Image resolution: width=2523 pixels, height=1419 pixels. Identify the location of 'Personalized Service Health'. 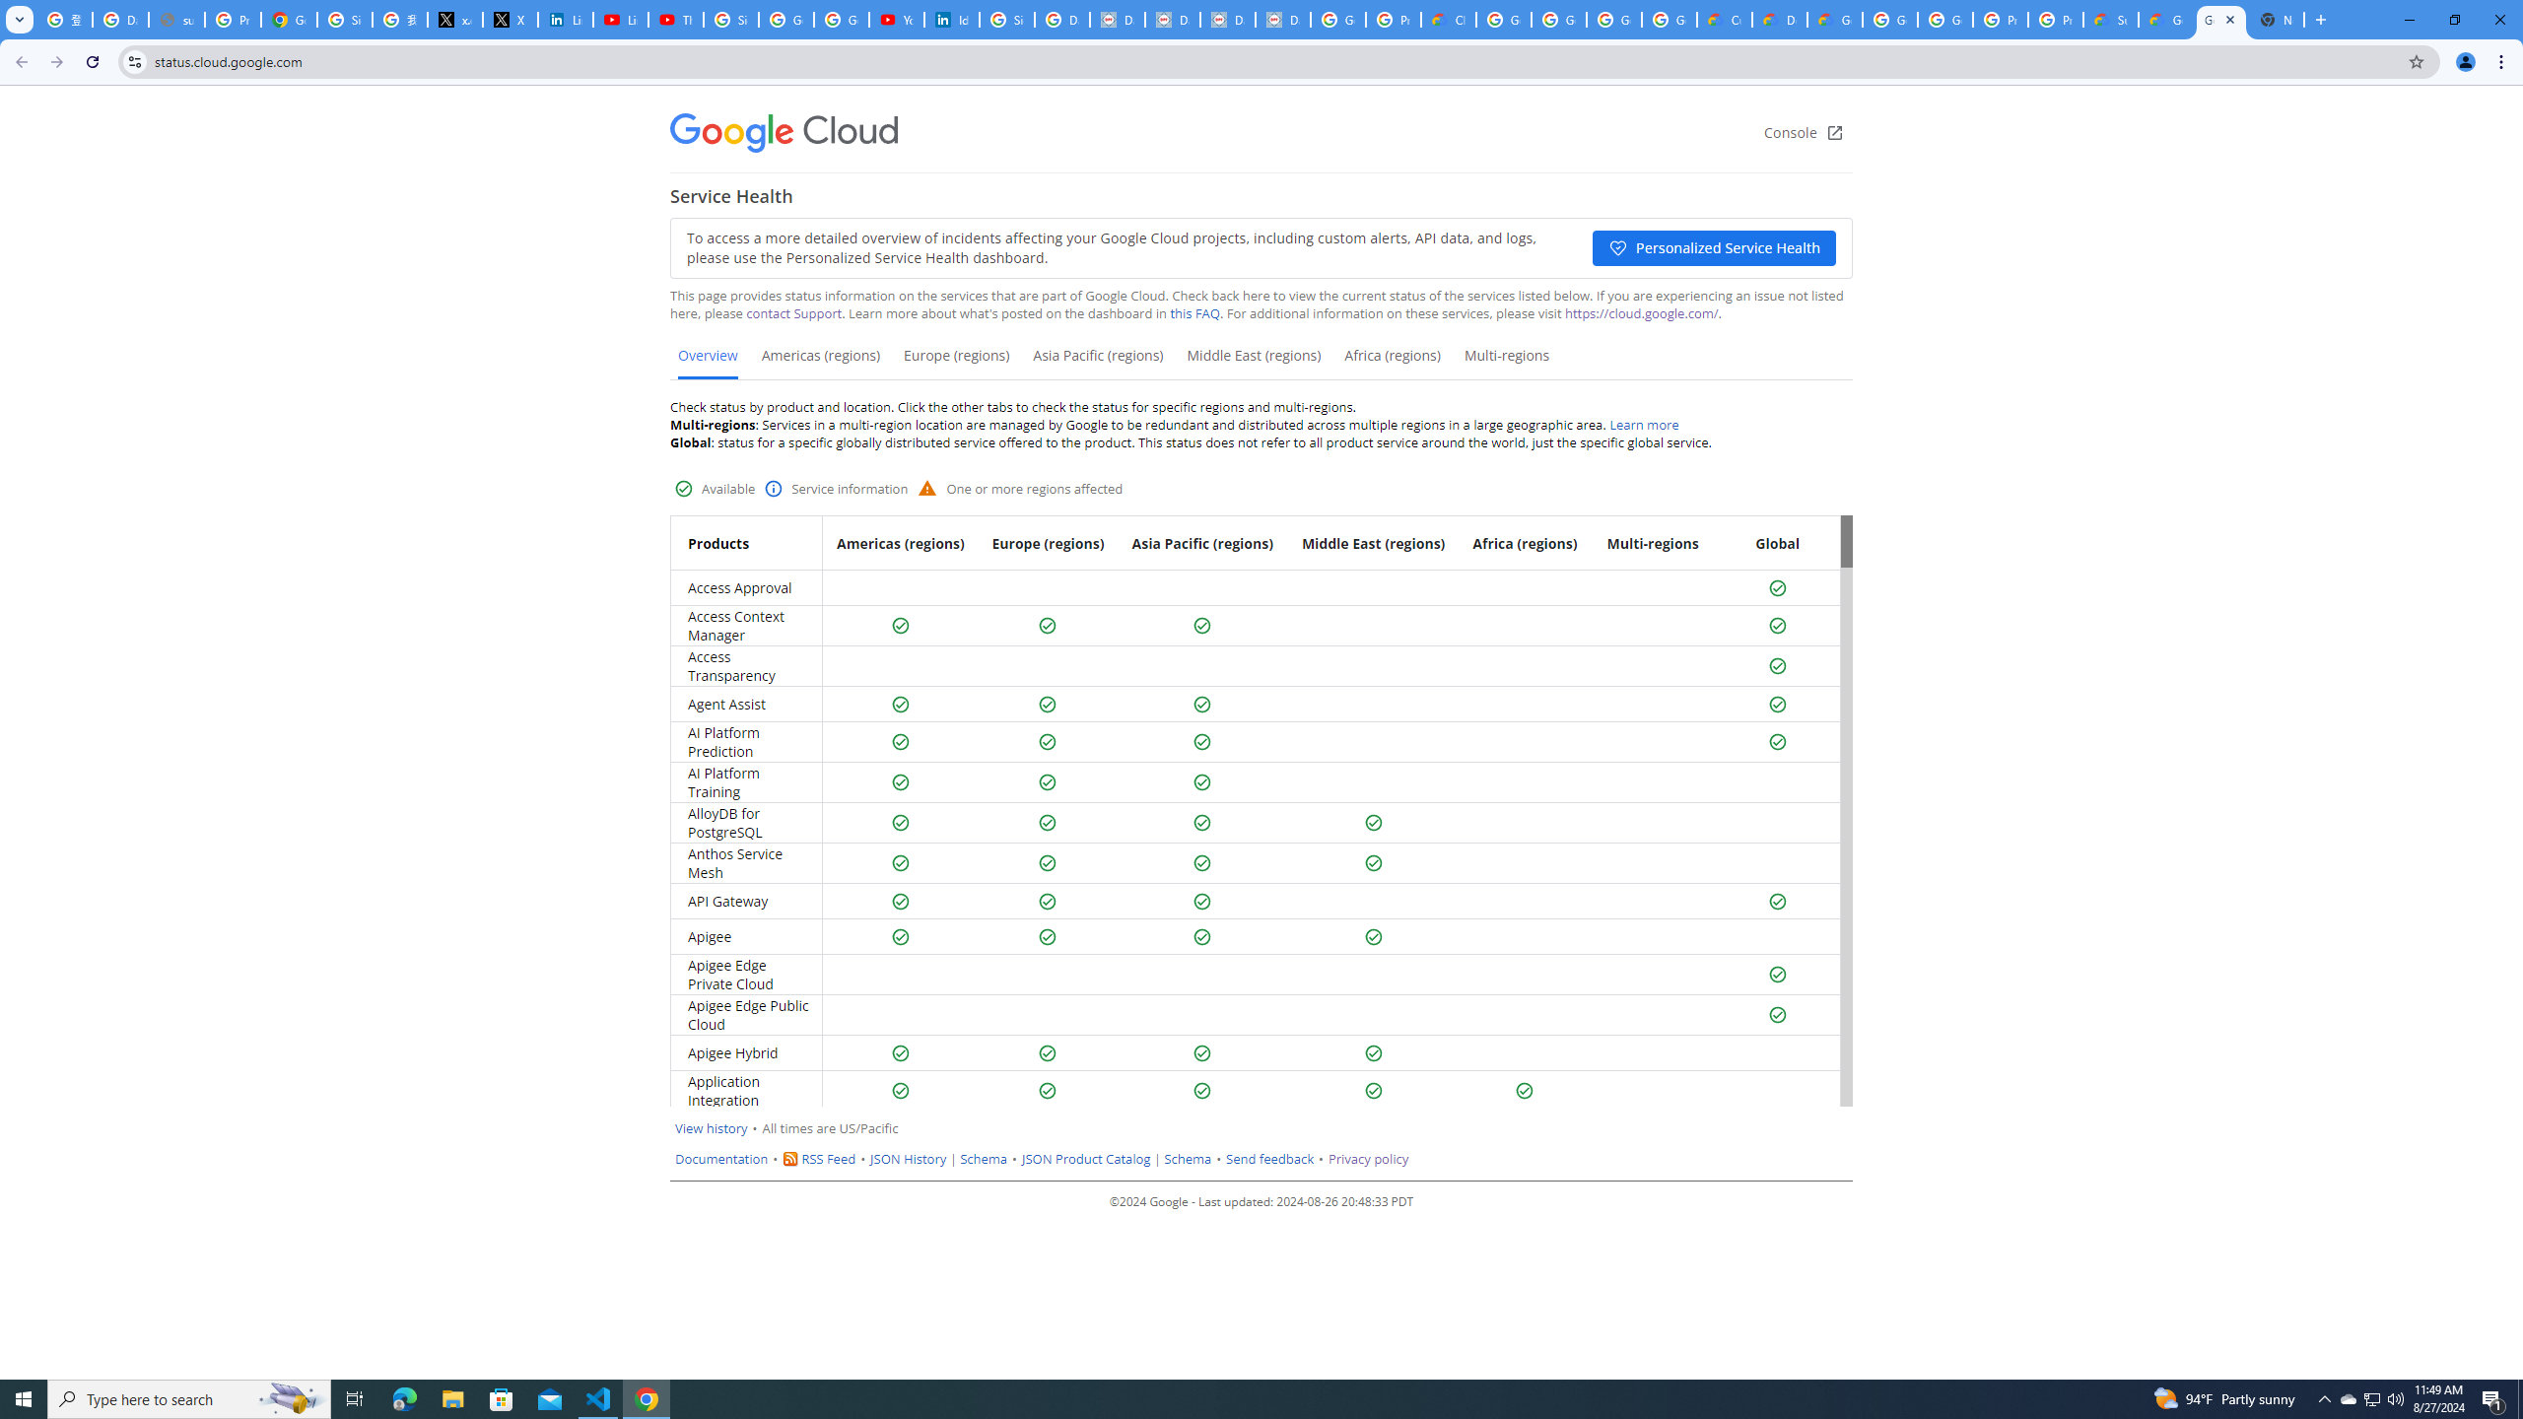
(1713, 246).